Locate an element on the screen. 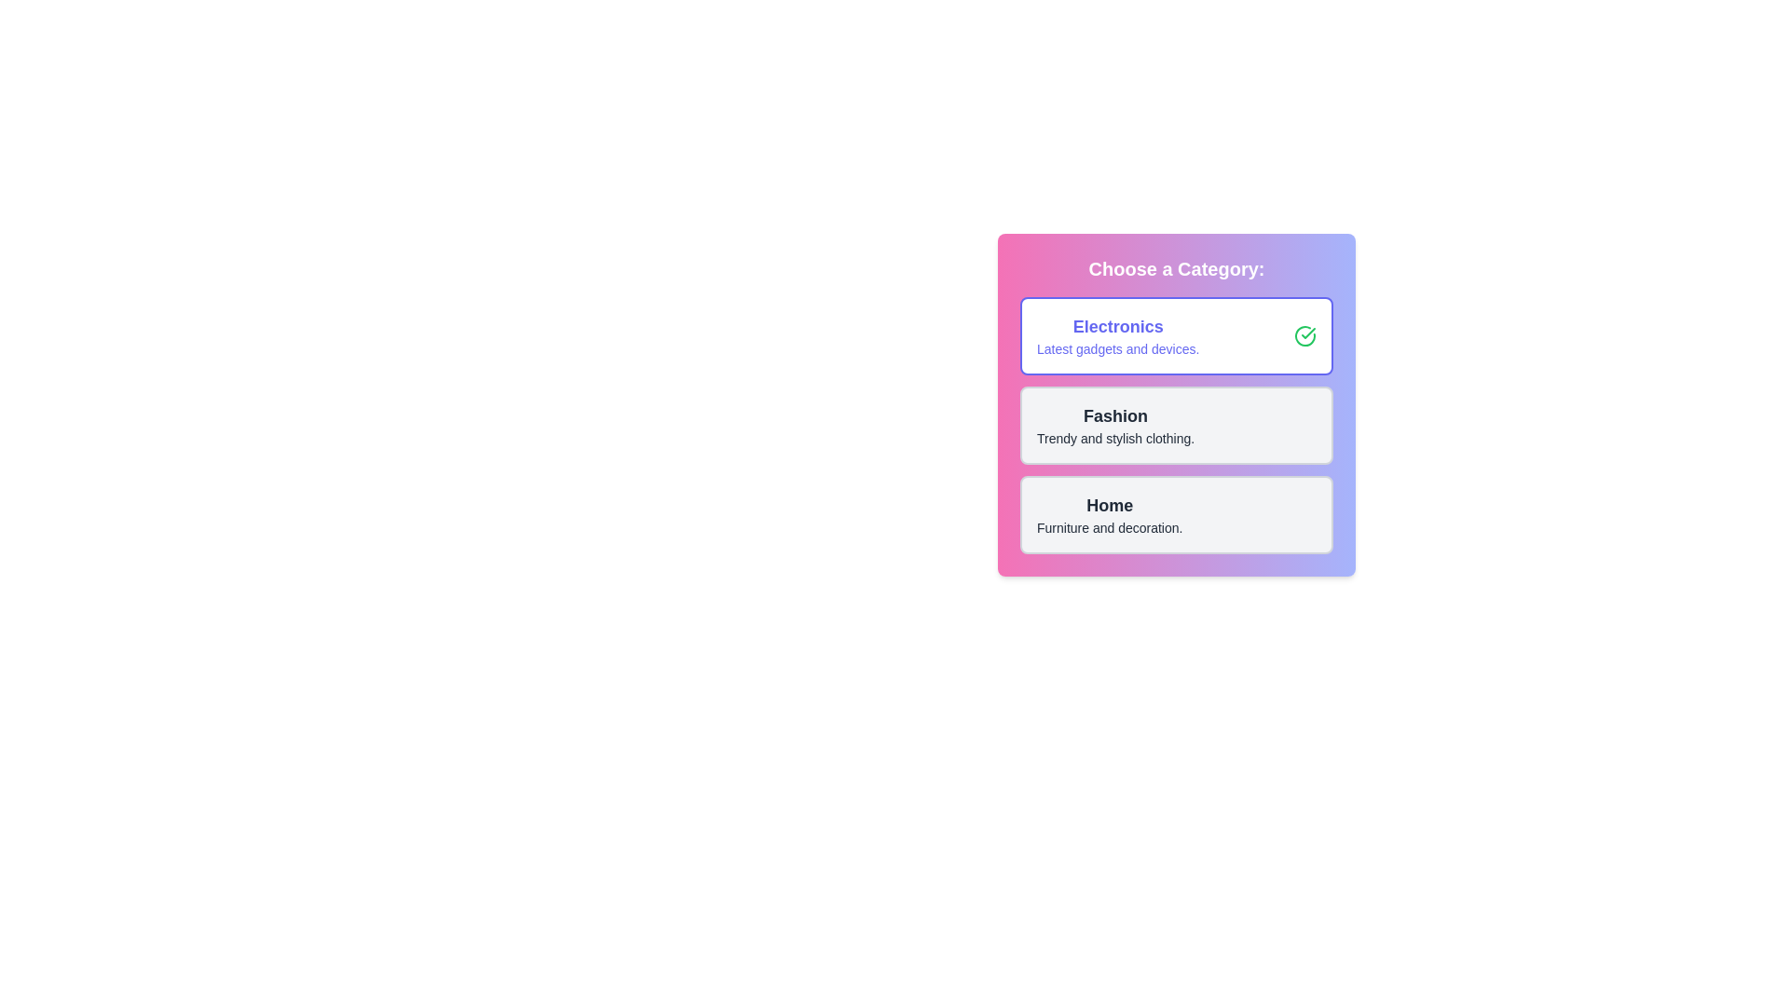 This screenshot has height=1006, width=1789. the validation icon indicating that the option 'Electronics' has been confirmed, located near the top-right inside the text box labeled 'Electronics' is located at coordinates (1307, 333).